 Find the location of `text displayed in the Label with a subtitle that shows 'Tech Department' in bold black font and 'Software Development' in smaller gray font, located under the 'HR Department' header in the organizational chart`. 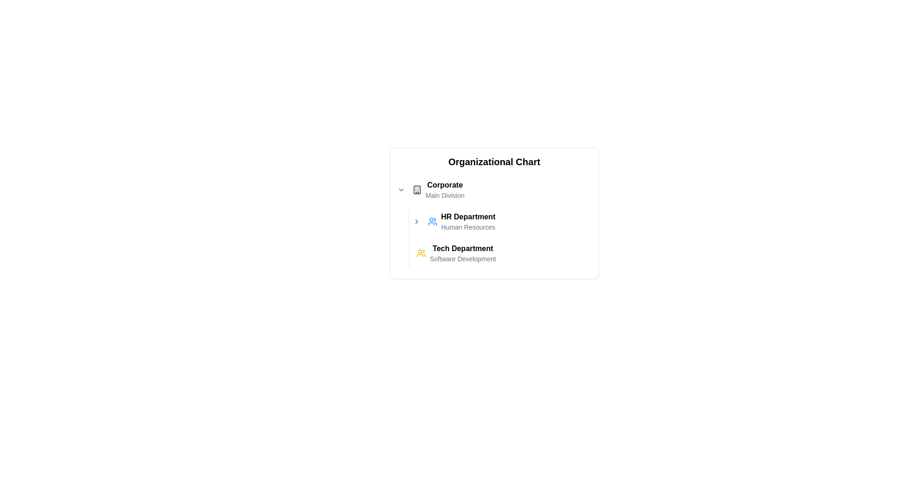

text displayed in the Label with a subtitle that shows 'Tech Department' in bold black font and 'Software Development' in smaller gray font, located under the 'HR Department' header in the organizational chart is located at coordinates (463, 253).